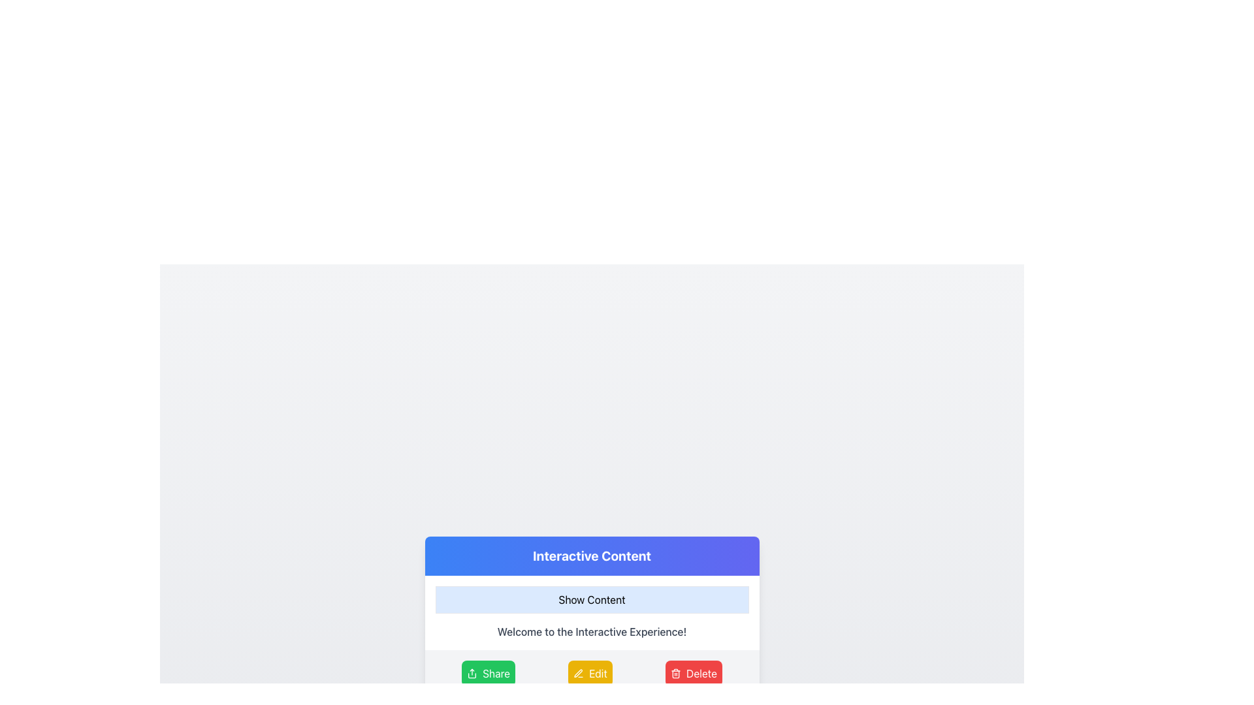 This screenshot has height=705, width=1254. What do you see at coordinates (693, 674) in the screenshot?
I see `the red 'Delete' button with a trash can icon` at bounding box center [693, 674].